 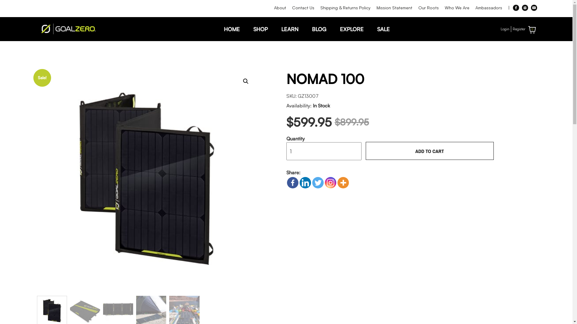 I want to click on 'ADD TO CART', so click(x=429, y=150).